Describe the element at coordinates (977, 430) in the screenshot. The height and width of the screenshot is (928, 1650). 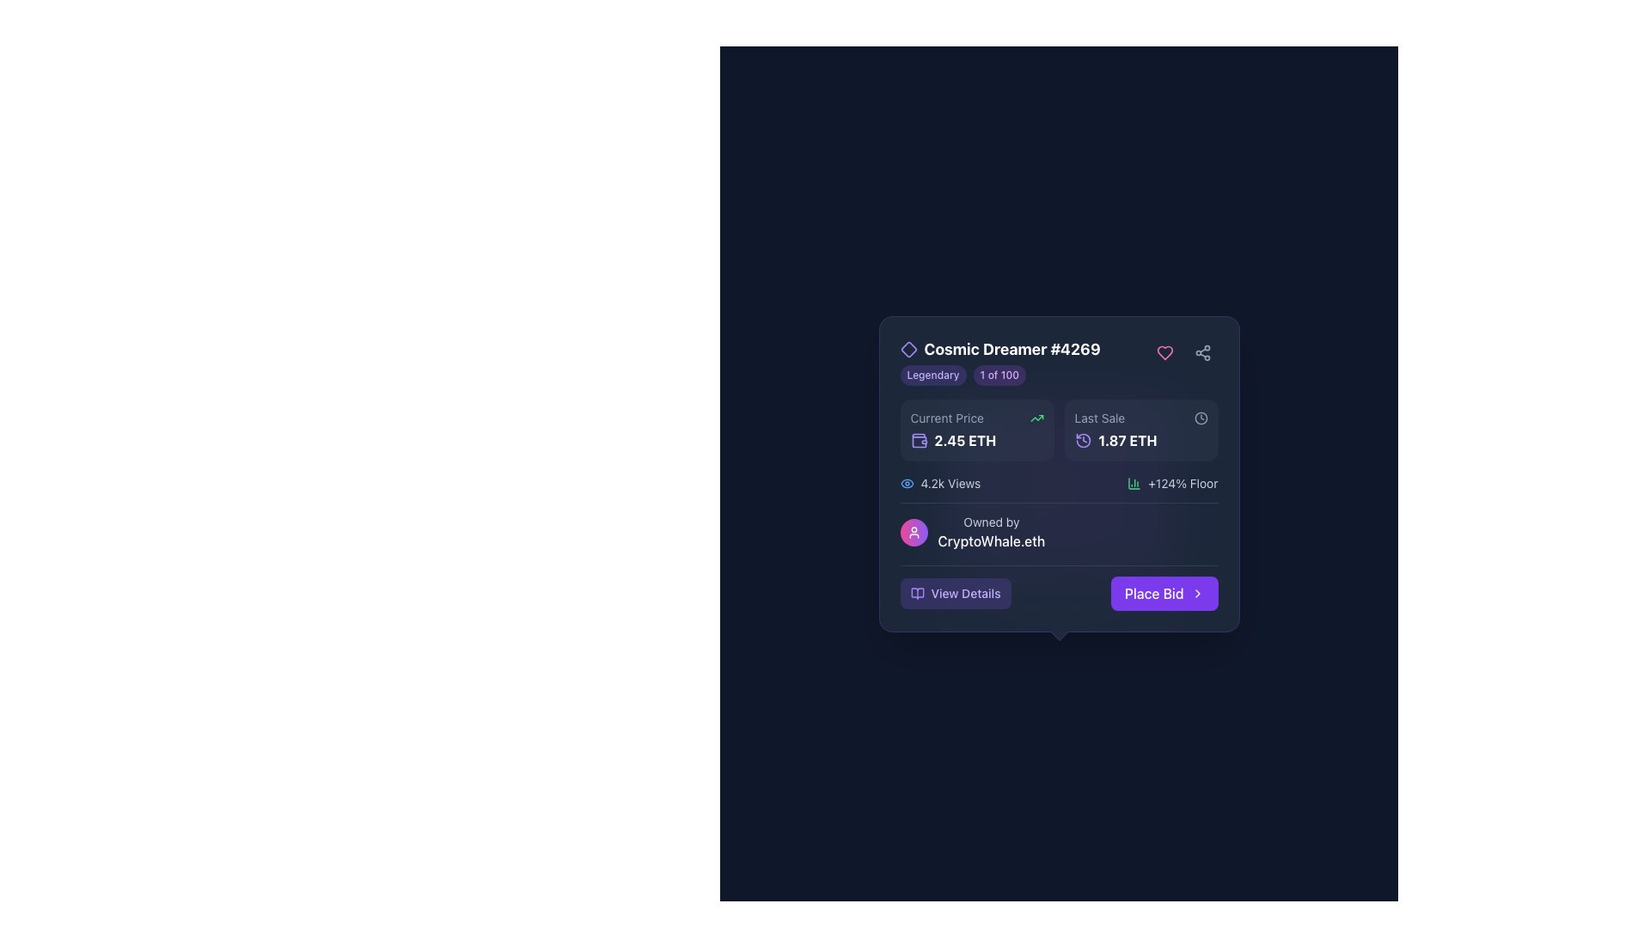
I see `the informational display card that shows the current price of an item in Ethereum (ETH)` at that location.